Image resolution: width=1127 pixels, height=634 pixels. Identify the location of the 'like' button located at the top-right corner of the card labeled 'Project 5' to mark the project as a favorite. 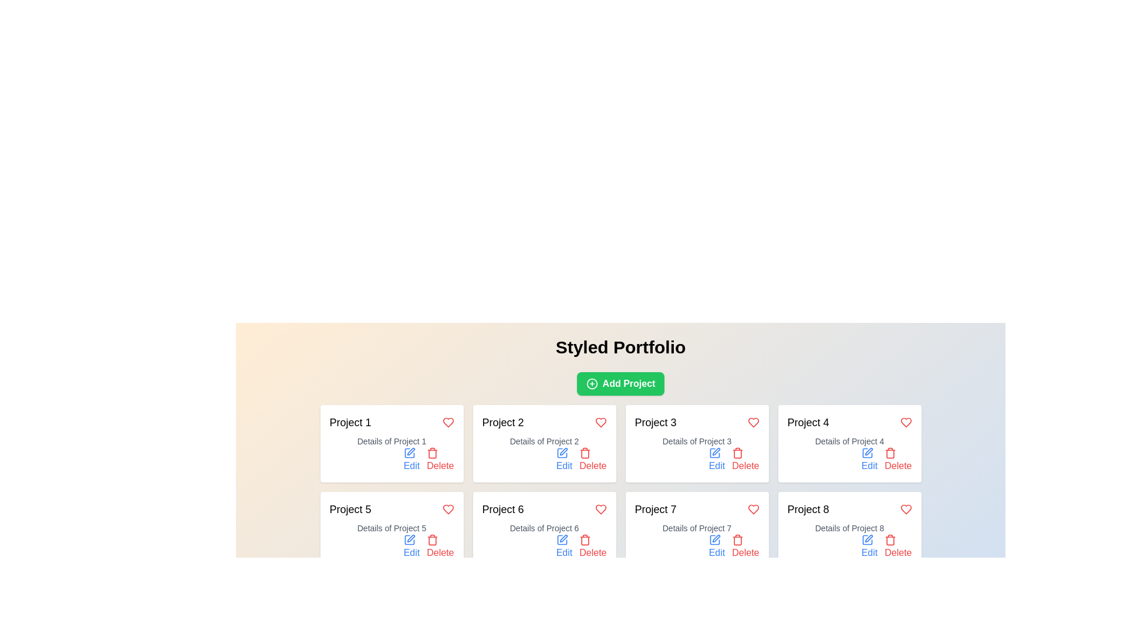
(447, 508).